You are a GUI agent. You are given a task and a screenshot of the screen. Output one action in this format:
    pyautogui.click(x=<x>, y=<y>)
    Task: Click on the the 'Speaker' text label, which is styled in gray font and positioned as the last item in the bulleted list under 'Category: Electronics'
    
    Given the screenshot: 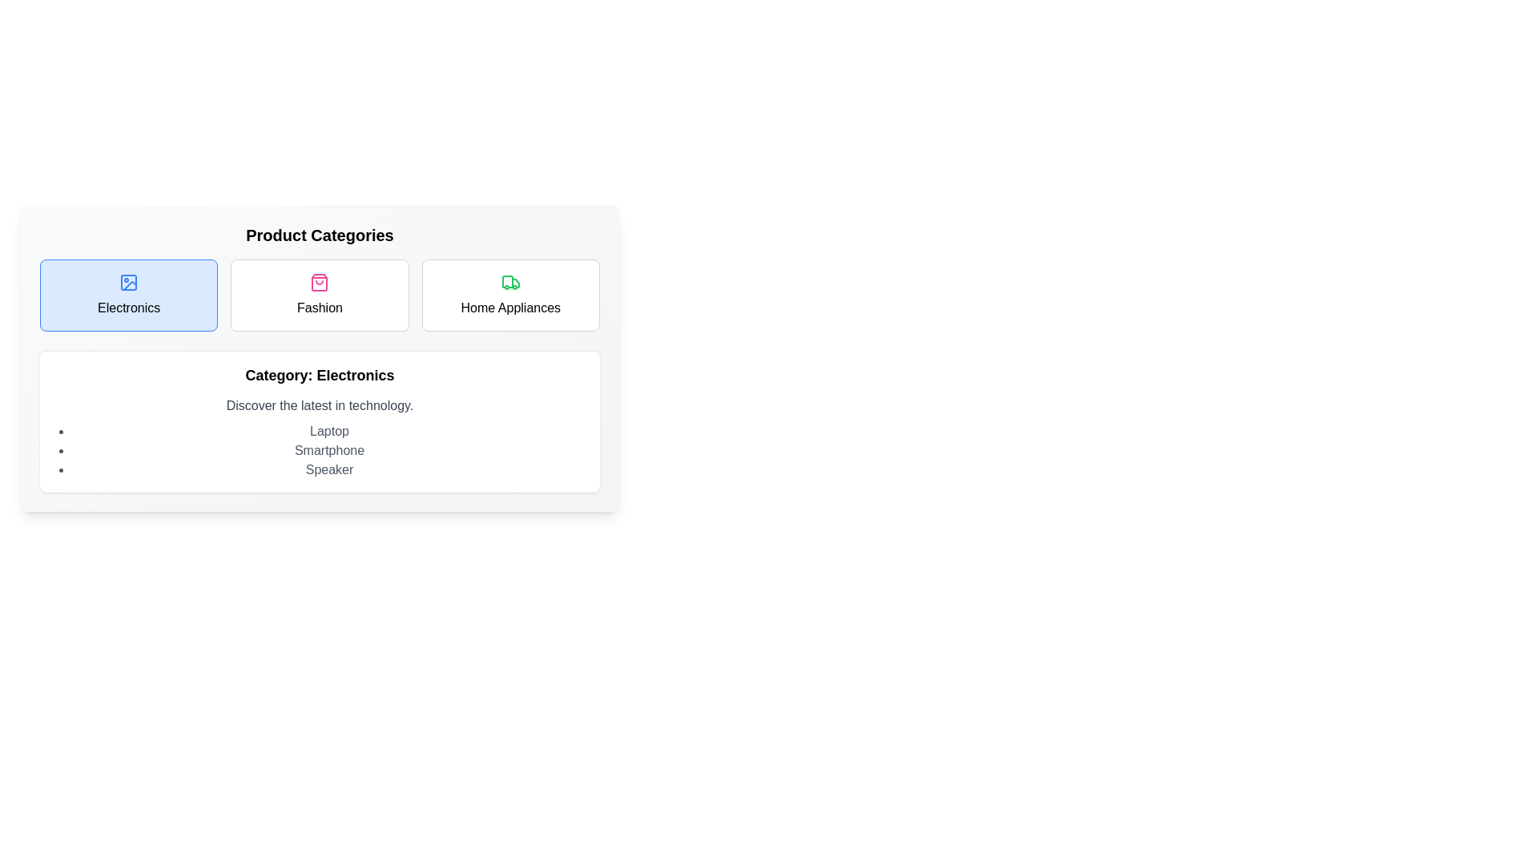 What is the action you would take?
    pyautogui.click(x=328, y=469)
    